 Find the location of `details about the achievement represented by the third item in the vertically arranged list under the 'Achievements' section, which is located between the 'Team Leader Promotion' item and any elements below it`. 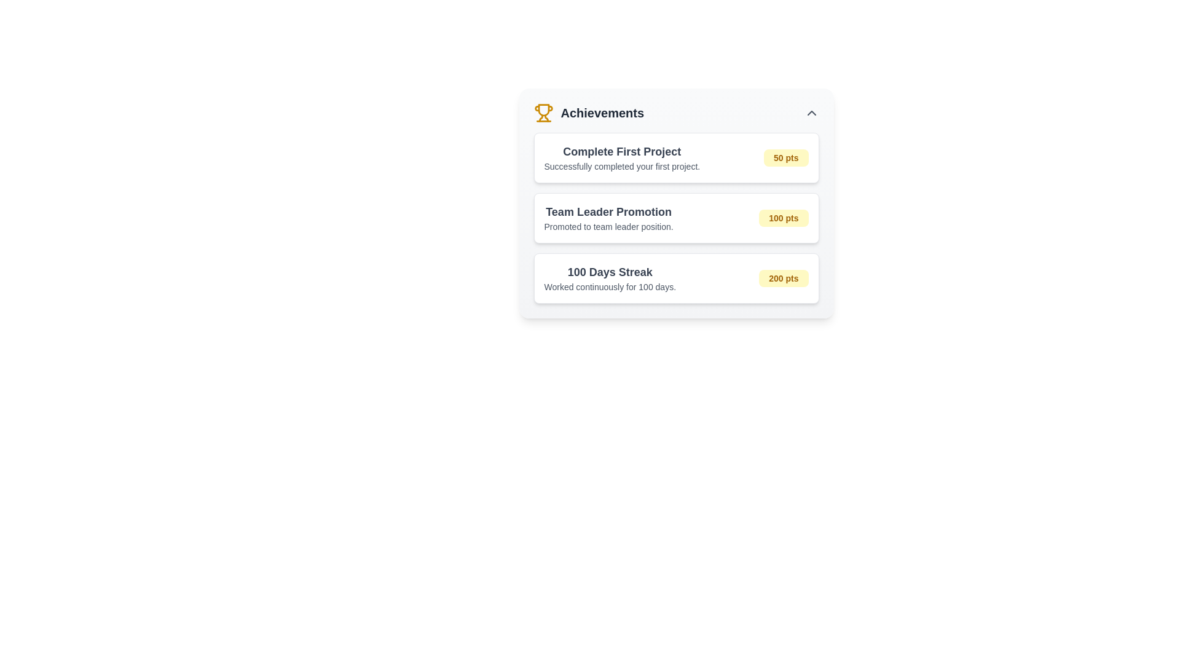

details about the achievement represented by the third item in the vertically arranged list under the 'Achievements' section, which is located between the 'Team Leader Promotion' item and any elements below it is located at coordinates (675, 278).